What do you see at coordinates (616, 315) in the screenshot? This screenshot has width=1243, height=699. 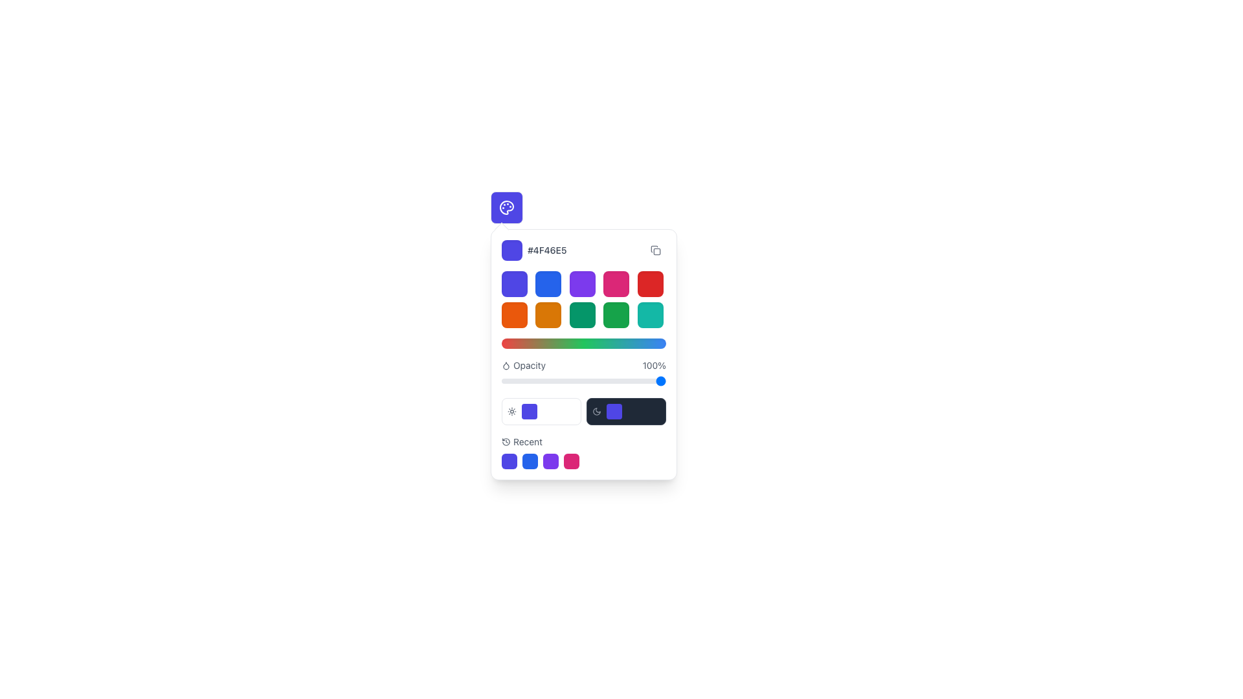 I see `the color selection button located in the second row, fourth column of the palette interface` at bounding box center [616, 315].